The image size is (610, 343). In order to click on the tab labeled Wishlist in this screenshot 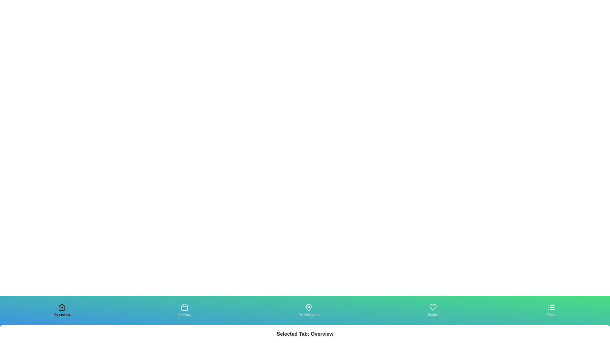, I will do `click(433, 310)`.